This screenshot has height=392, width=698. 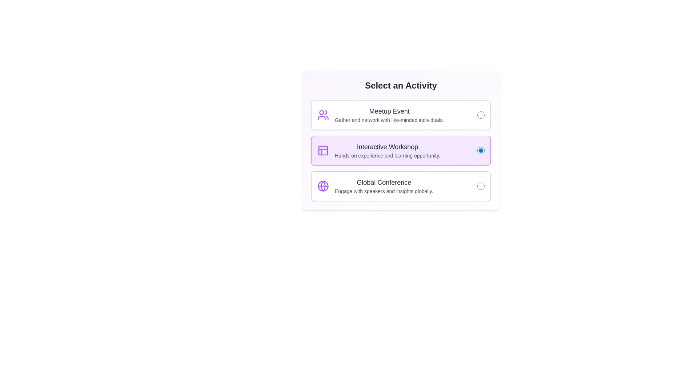 I want to click on the Circle (svg element) that represents the 'Global Conference' activity, located on the left side of the icon in the third option of the vertical list of activities, so click(x=322, y=185).